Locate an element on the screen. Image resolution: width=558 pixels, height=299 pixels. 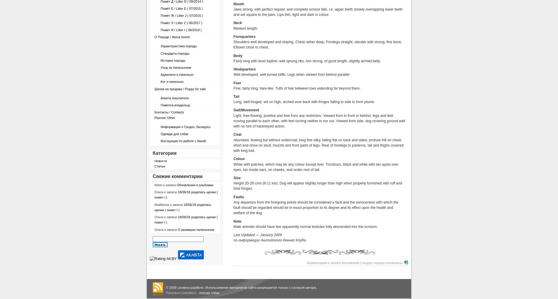
'© 2009 Lavatera papillons. Использование материалов сайта разрешается только с согласия автора.' is located at coordinates (241, 287).